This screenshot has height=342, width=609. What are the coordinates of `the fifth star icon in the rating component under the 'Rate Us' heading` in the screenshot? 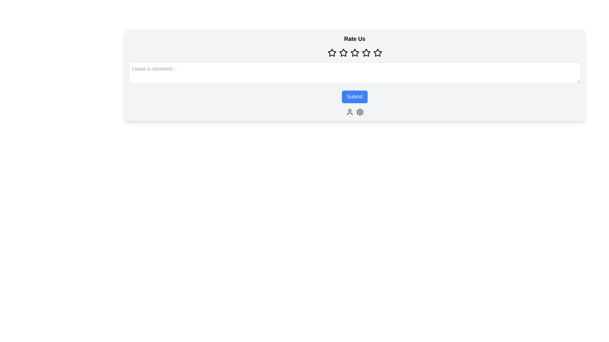 It's located at (377, 52).